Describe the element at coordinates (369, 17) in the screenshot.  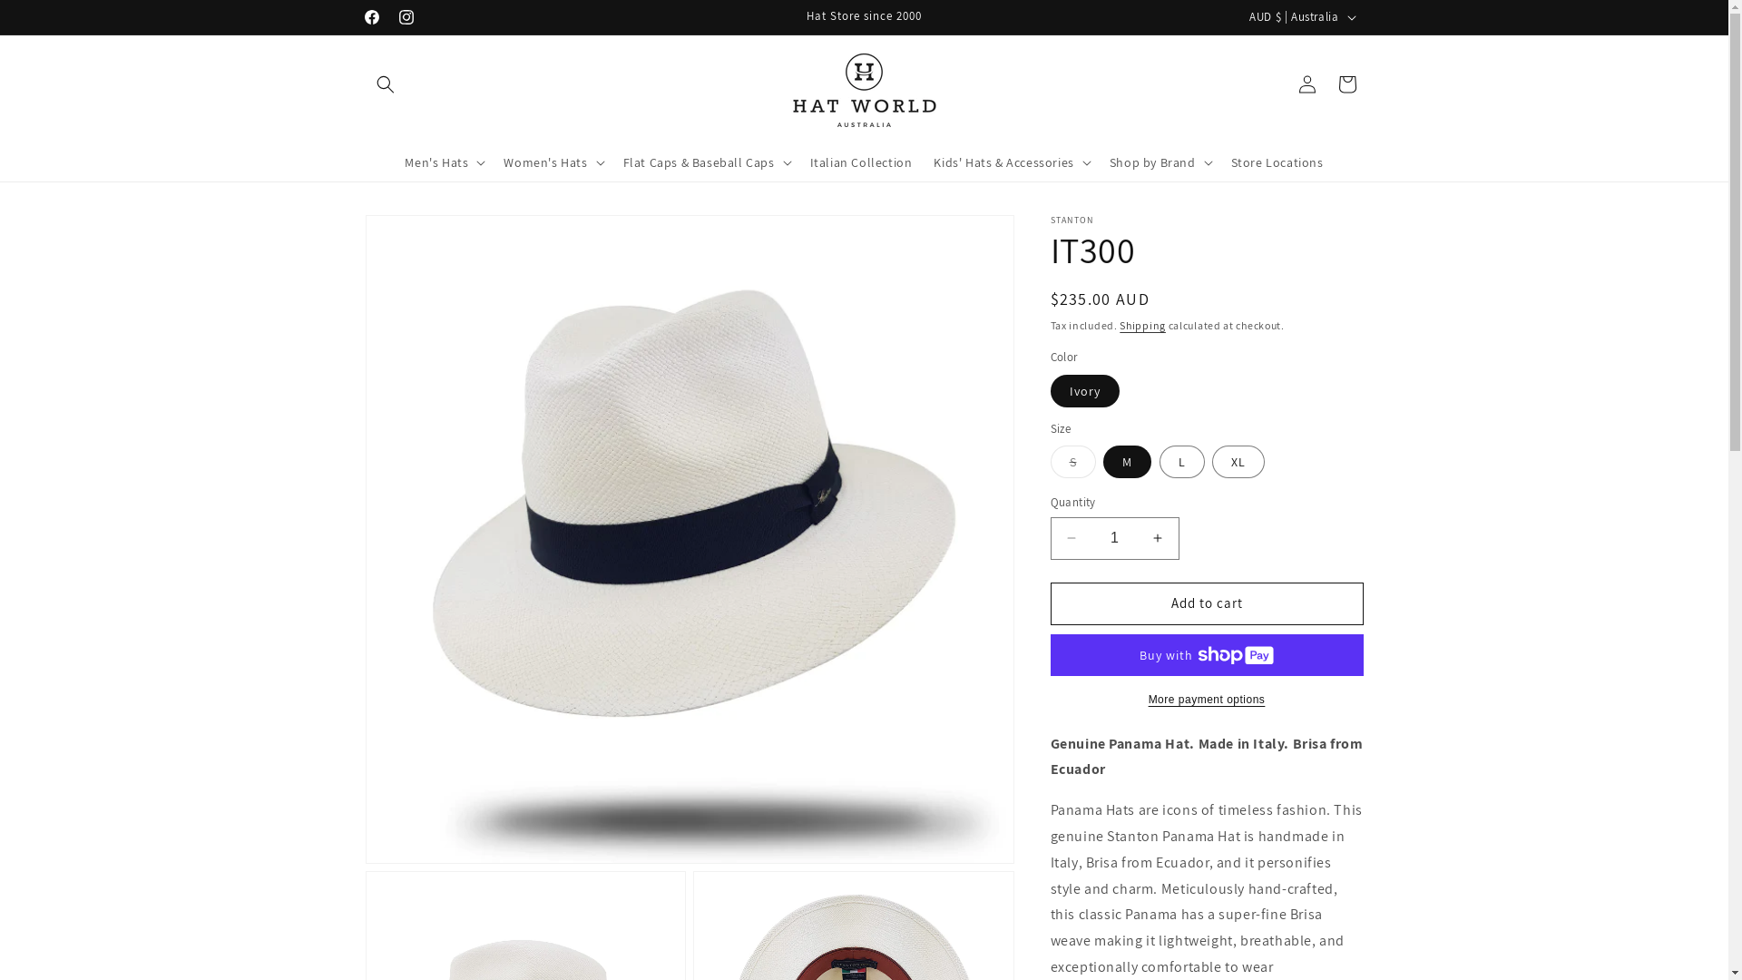
I see `'Facebook'` at that location.